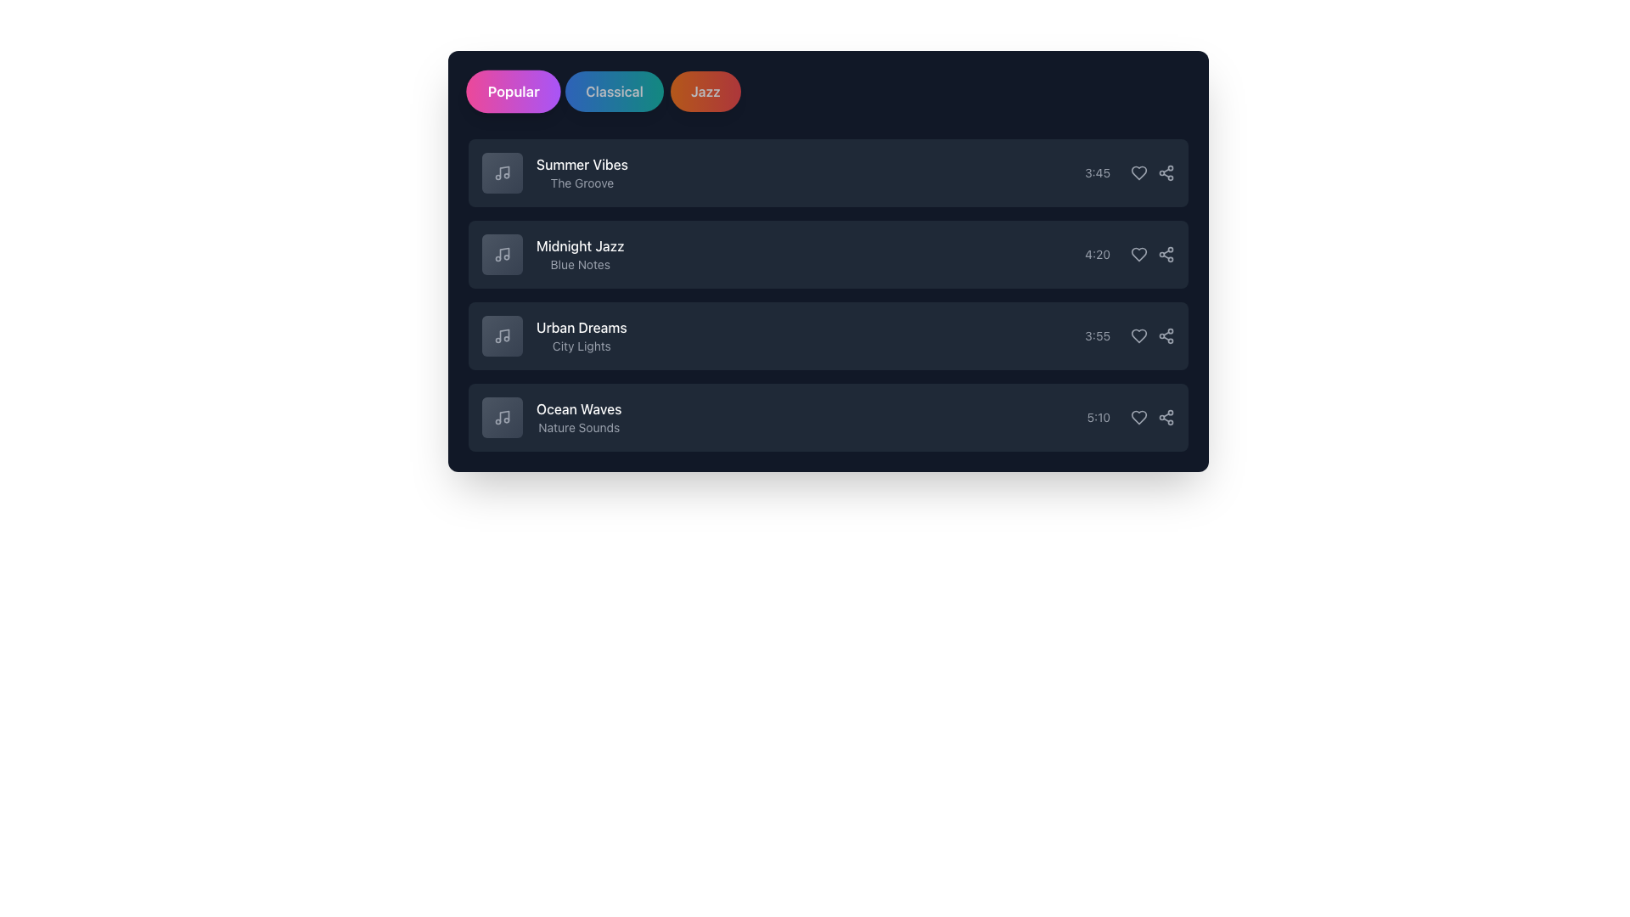  What do you see at coordinates (580, 255) in the screenshot?
I see `the text-label group that represents the song or album title 'Midnight Jazz' and its associated artist or genre 'Blue Notes'` at bounding box center [580, 255].